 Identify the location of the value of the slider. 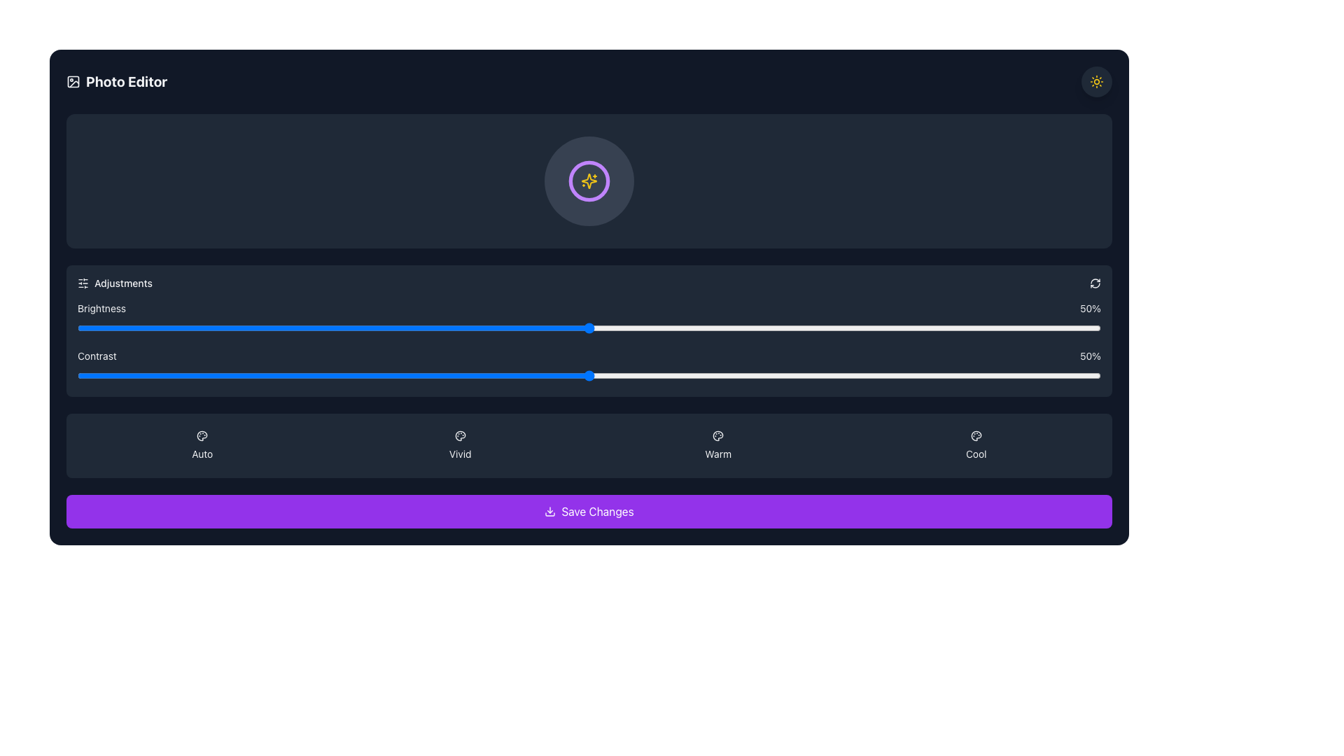
(977, 374).